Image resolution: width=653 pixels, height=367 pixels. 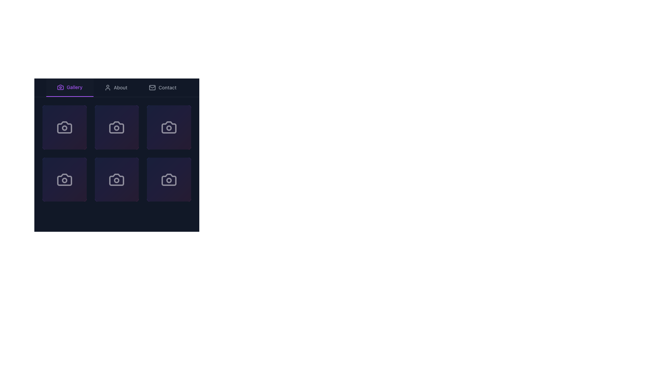 I want to click on the gradient square button with a camera icon, so click(x=64, y=127).